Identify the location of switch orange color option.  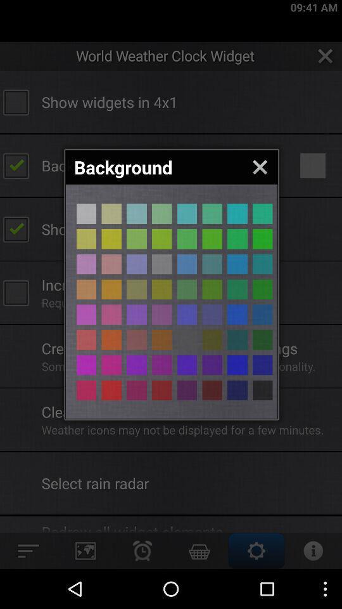
(212, 339).